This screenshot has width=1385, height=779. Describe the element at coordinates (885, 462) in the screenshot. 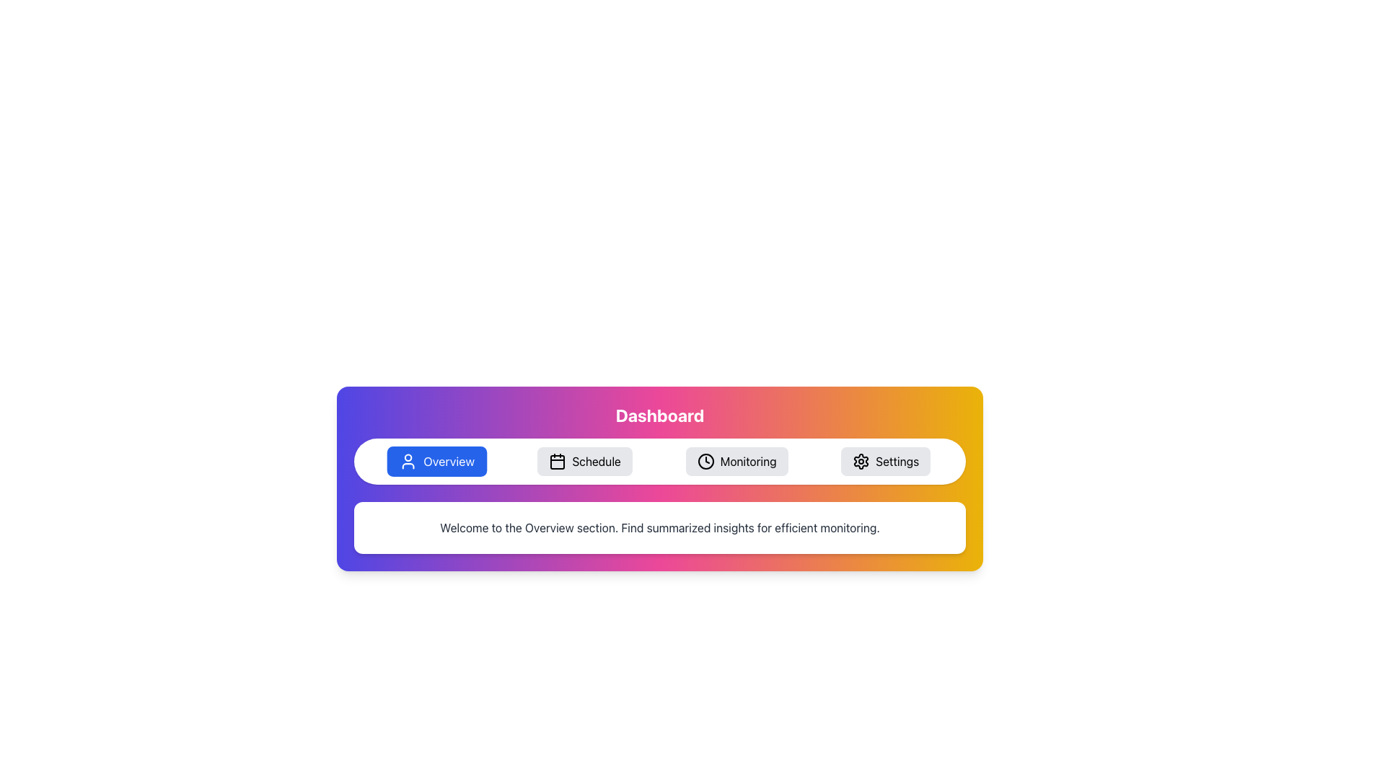

I see `the 'Settings' navigation button located as the fourth button from the left in the horizontal navigation bar` at that location.